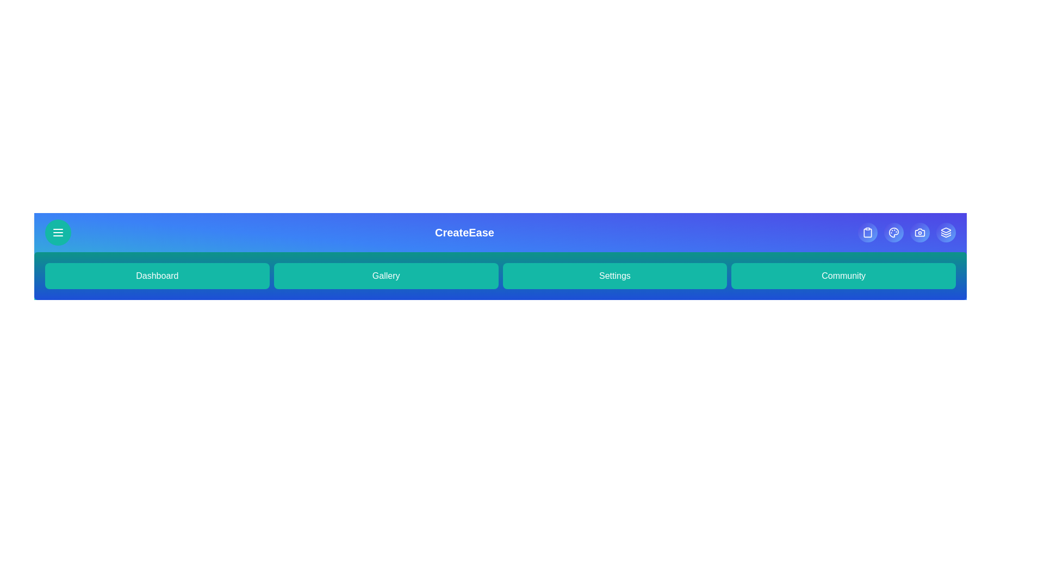 The image size is (1044, 587). I want to click on the 'Settings' button to navigate to the 'Settings' section, so click(614, 276).